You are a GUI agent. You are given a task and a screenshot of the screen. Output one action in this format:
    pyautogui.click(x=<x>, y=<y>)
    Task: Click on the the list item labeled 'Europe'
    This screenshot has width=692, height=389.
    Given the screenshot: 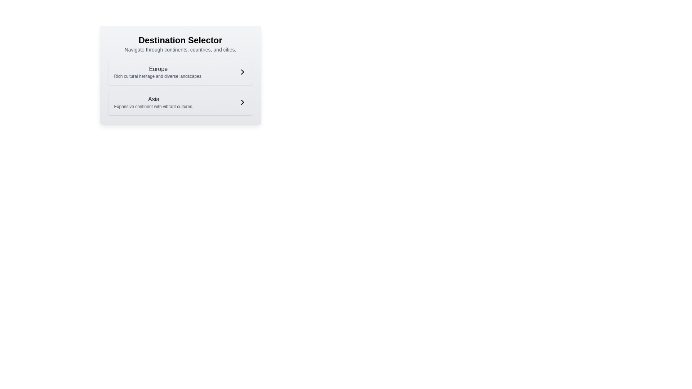 What is the action you would take?
    pyautogui.click(x=158, y=72)
    